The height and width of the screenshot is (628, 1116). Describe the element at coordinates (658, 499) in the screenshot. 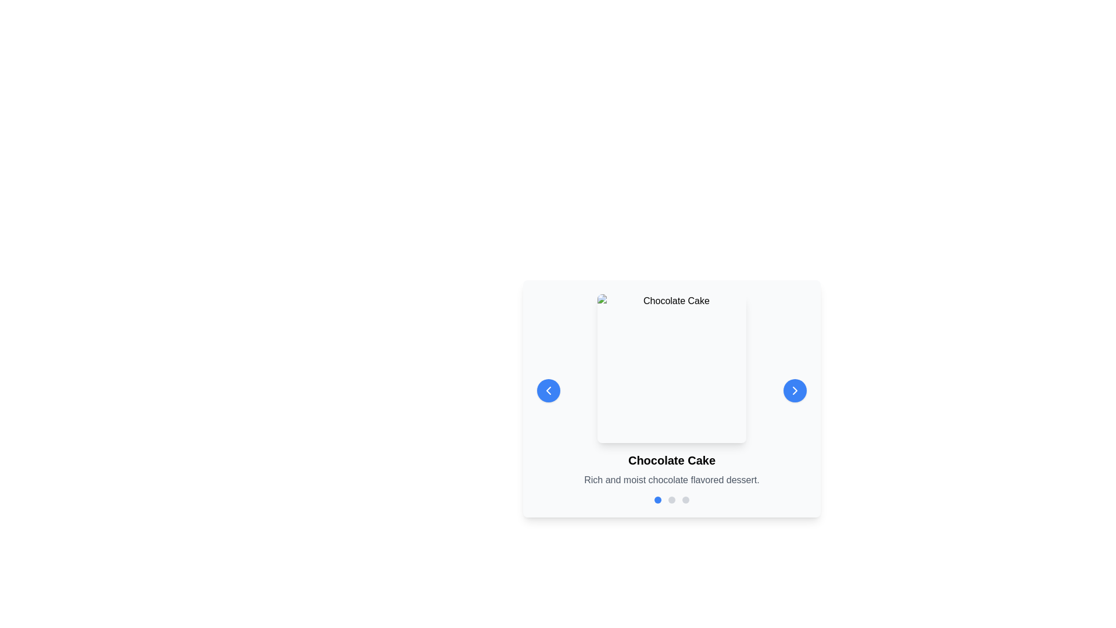

I see `the blue circular Selectable Indicator located at the bottom center of the content area, which corresponds to the 'Chocolate Cake' description` at that location.